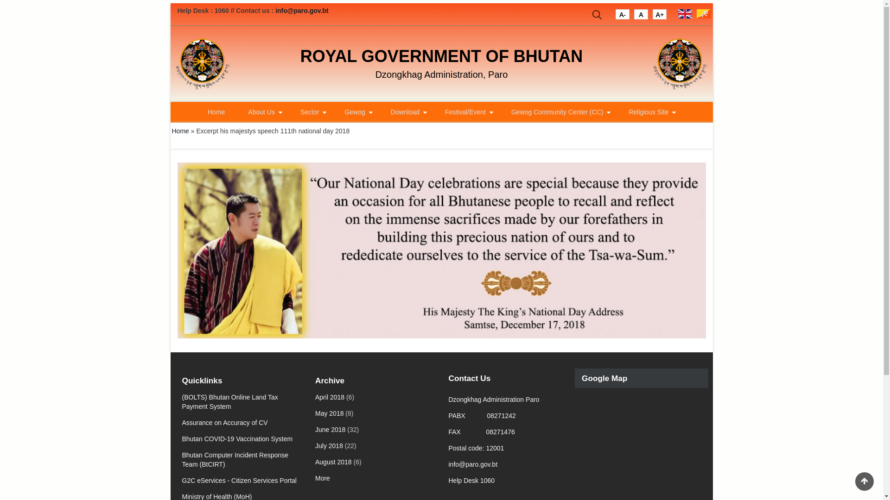 This screenshot has height=500, width=890. What do you see at coordinates (597, 16) in the screenshot?
I see `'Search'` at bounding box center [597, 16].